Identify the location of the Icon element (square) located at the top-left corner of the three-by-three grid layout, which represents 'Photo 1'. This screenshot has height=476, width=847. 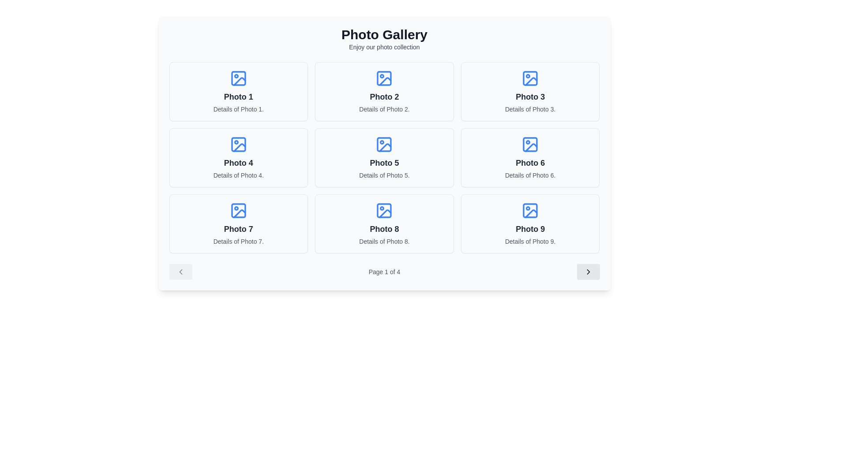
(238, 78).